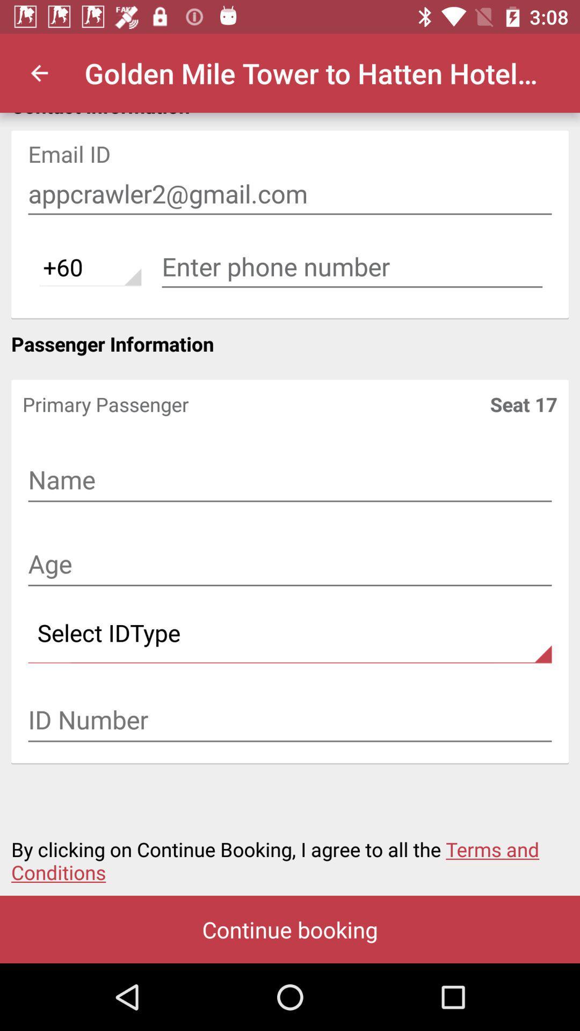  What do you see at coordinates (290, 854) in the screenshot?
I see `the by clicking on icon` at bounding box center [290, 854].